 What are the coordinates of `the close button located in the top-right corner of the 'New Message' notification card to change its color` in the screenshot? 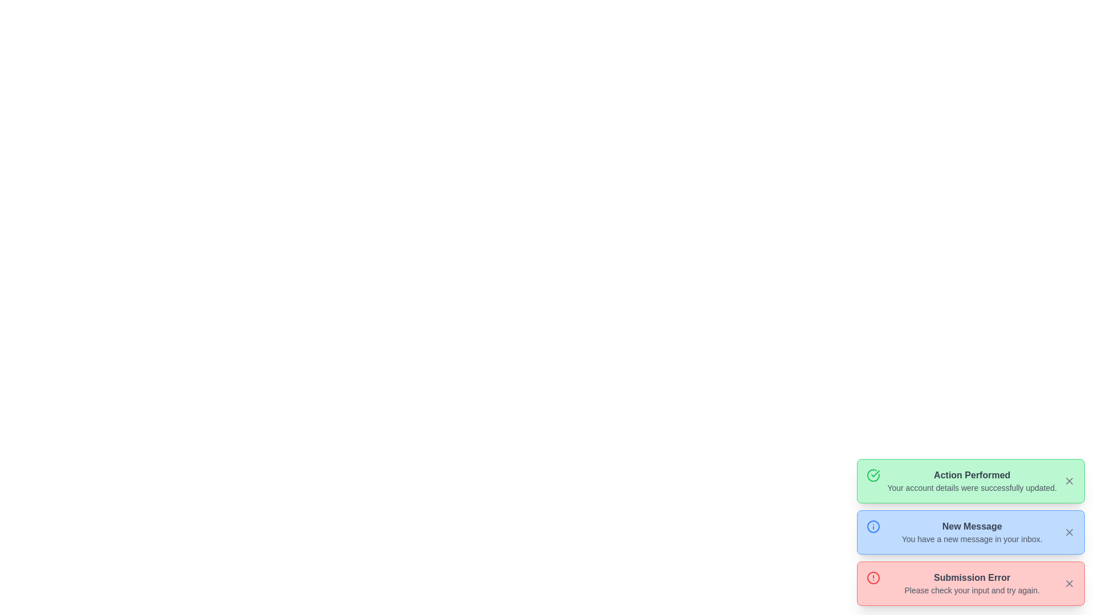 It's located at (1068, 532).